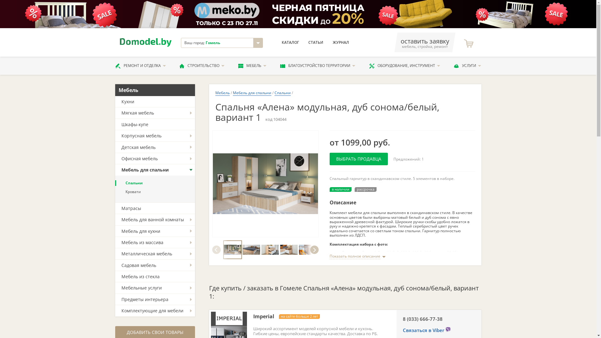 The image size is (601, 338). I want to click on 'Imperial', so click(253, 316).